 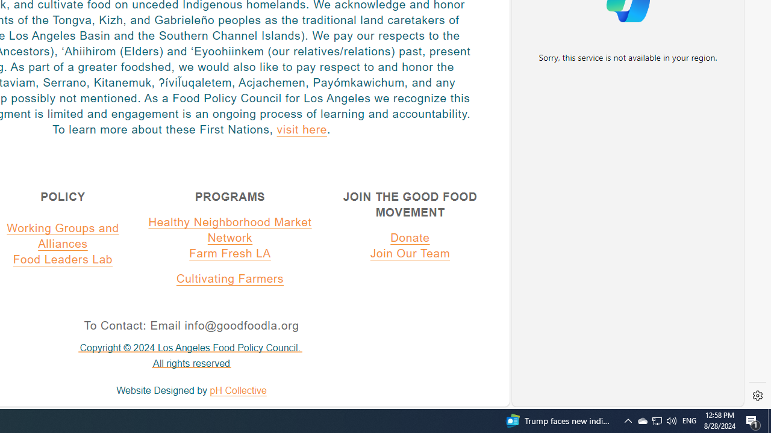 What do you see at coordinates (230, 278) in the screenshot?
I see `'Cultivating Farmers '` at bounding box center [230, 278].